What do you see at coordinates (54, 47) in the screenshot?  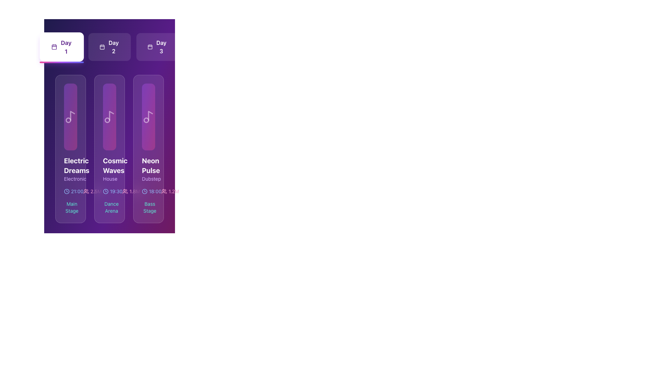 I see `the calendar-like icon located near the top-left corner of the 'Day 1' button` at bounding box center [54, 47].